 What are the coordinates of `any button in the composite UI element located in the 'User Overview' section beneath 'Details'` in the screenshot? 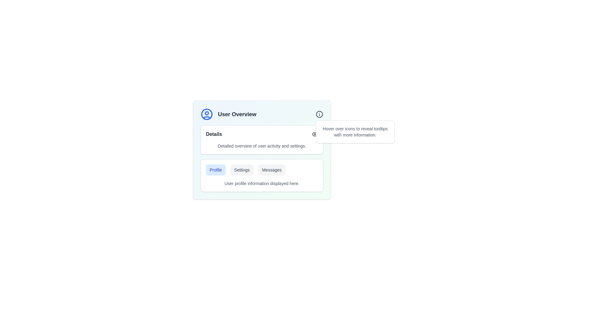 It's located at (262, 175).